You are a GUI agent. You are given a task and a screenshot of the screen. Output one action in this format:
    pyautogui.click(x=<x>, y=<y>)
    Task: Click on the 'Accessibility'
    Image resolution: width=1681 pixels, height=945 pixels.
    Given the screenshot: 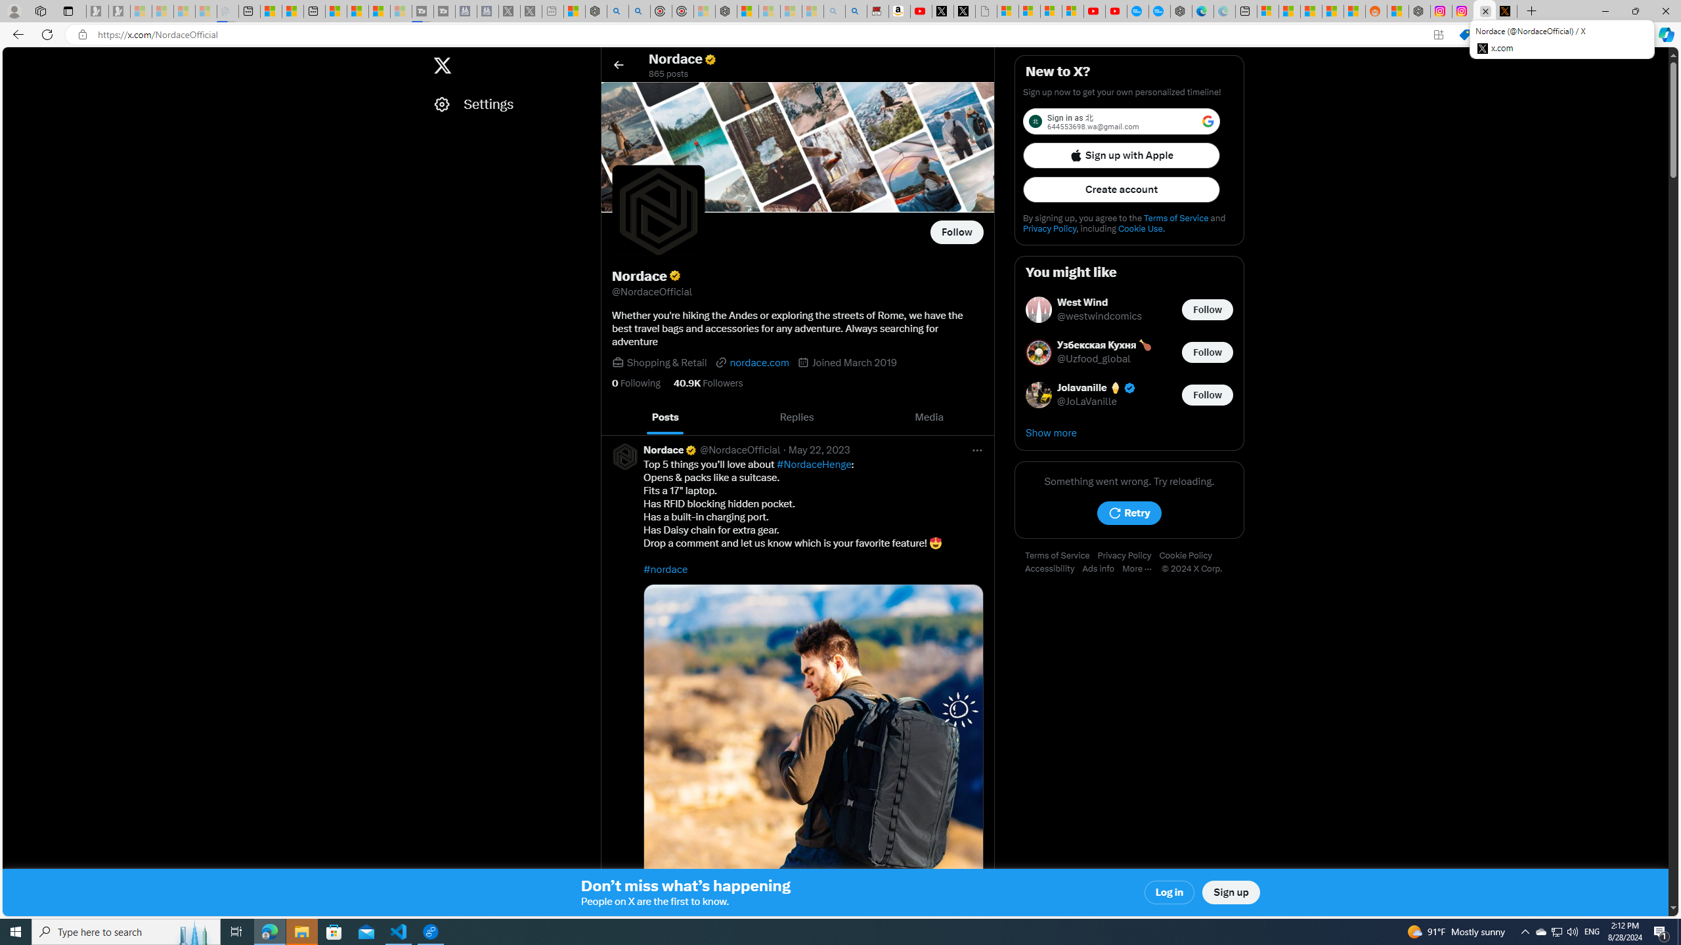 What is the action you would take?
    pyautogui.click(x=1054, y=568)
    